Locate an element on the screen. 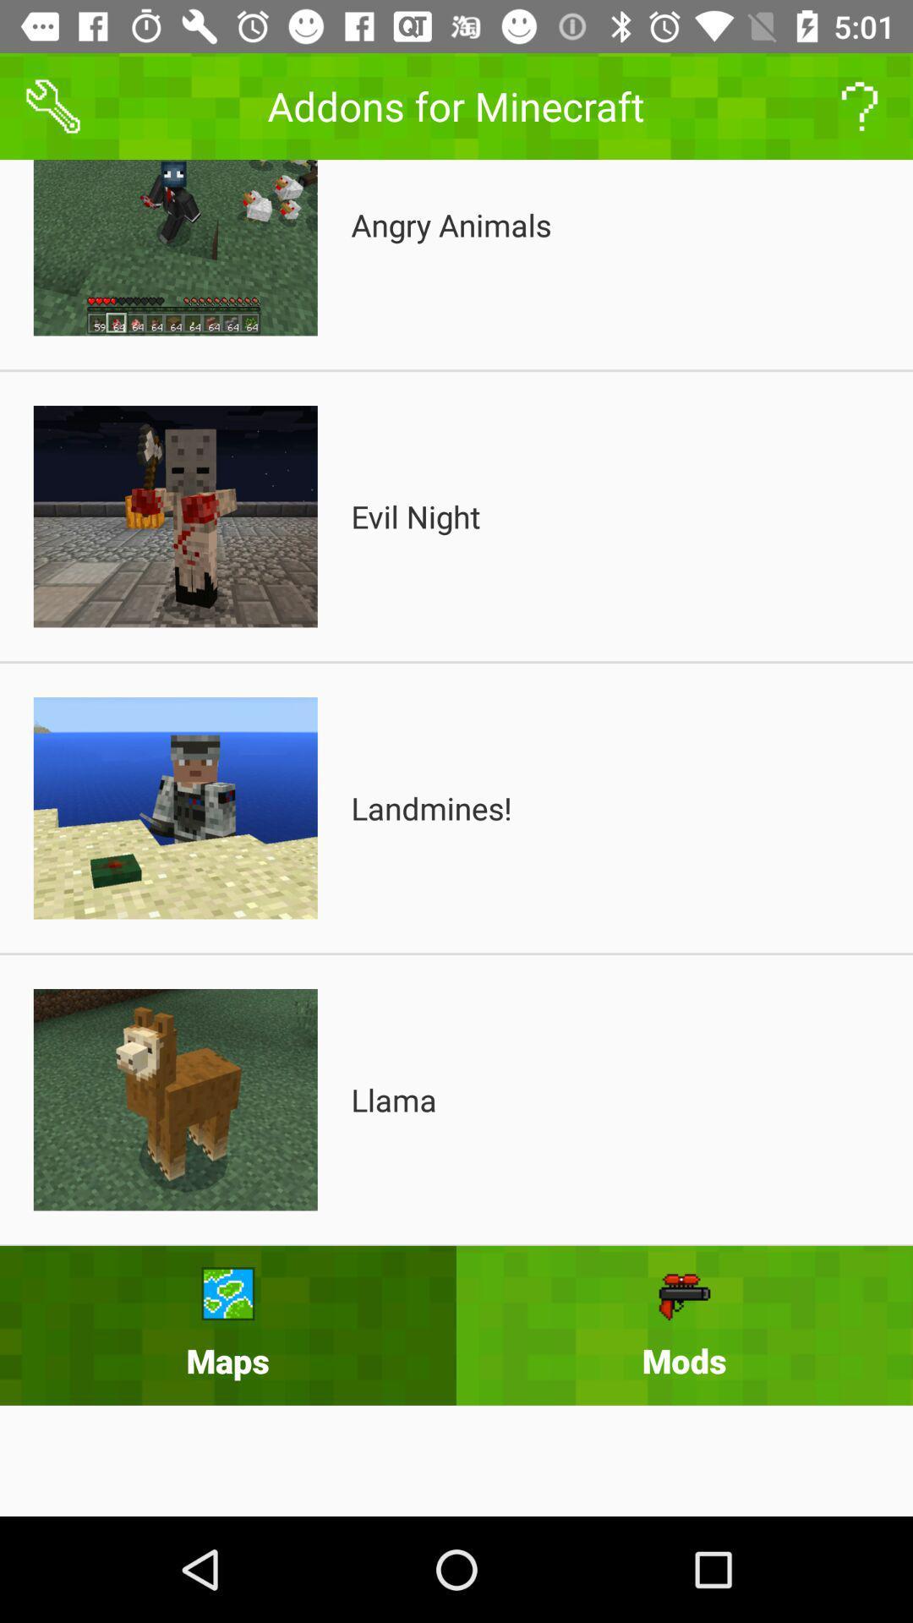  landmines! is located at coordinates (430, 807).